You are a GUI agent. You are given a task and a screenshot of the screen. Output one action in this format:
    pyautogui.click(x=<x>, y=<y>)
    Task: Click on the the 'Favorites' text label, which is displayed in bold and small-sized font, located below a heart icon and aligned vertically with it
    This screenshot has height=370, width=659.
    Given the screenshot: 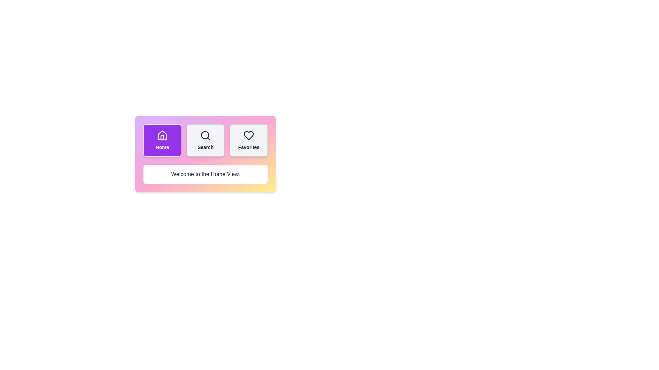 What is the action you would take?
    pyautogui.click(x=248, y=147)
    